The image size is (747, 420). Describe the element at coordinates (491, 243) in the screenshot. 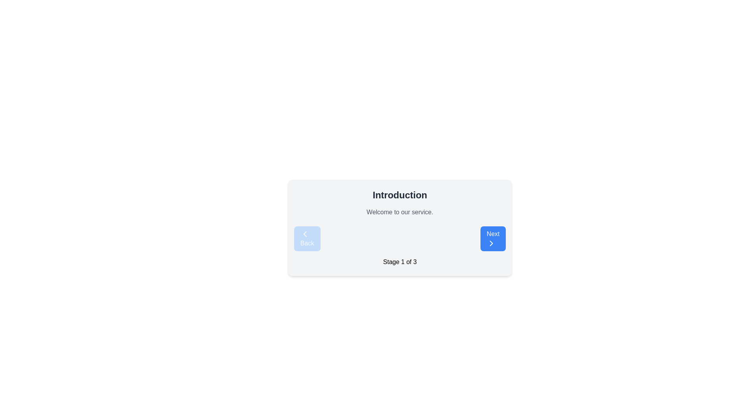

I see `the blue button labeled 'Next' that contains the rightward chevron arrow icon positioned to its right` at that location.